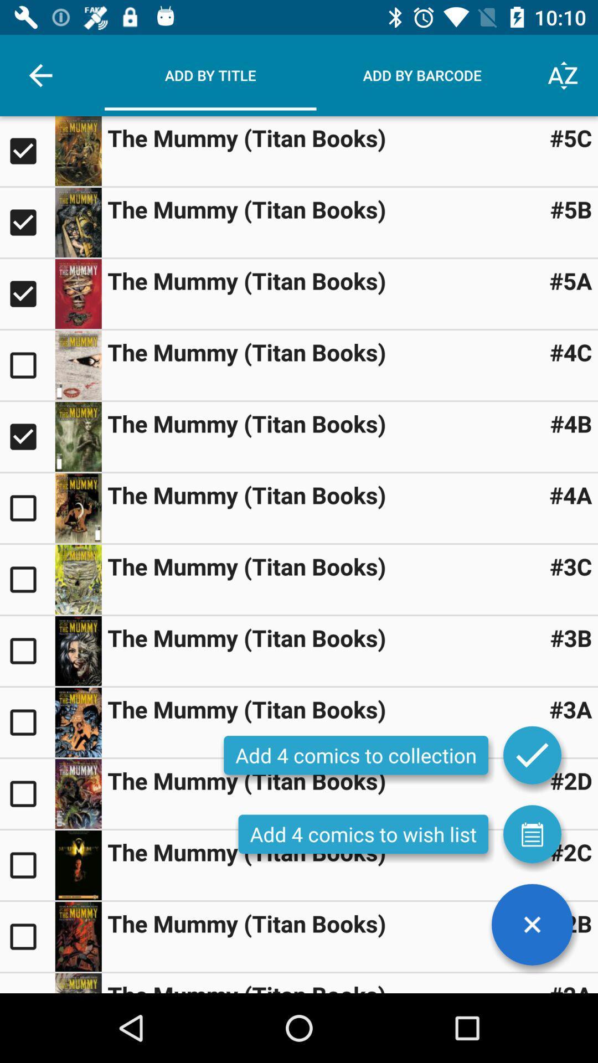 The width and height of the screenshot is (598, 1063). What do you see at coordinates (532, 755) in the screenshot?
I see `the check icon` at bounding box center [532, 755].